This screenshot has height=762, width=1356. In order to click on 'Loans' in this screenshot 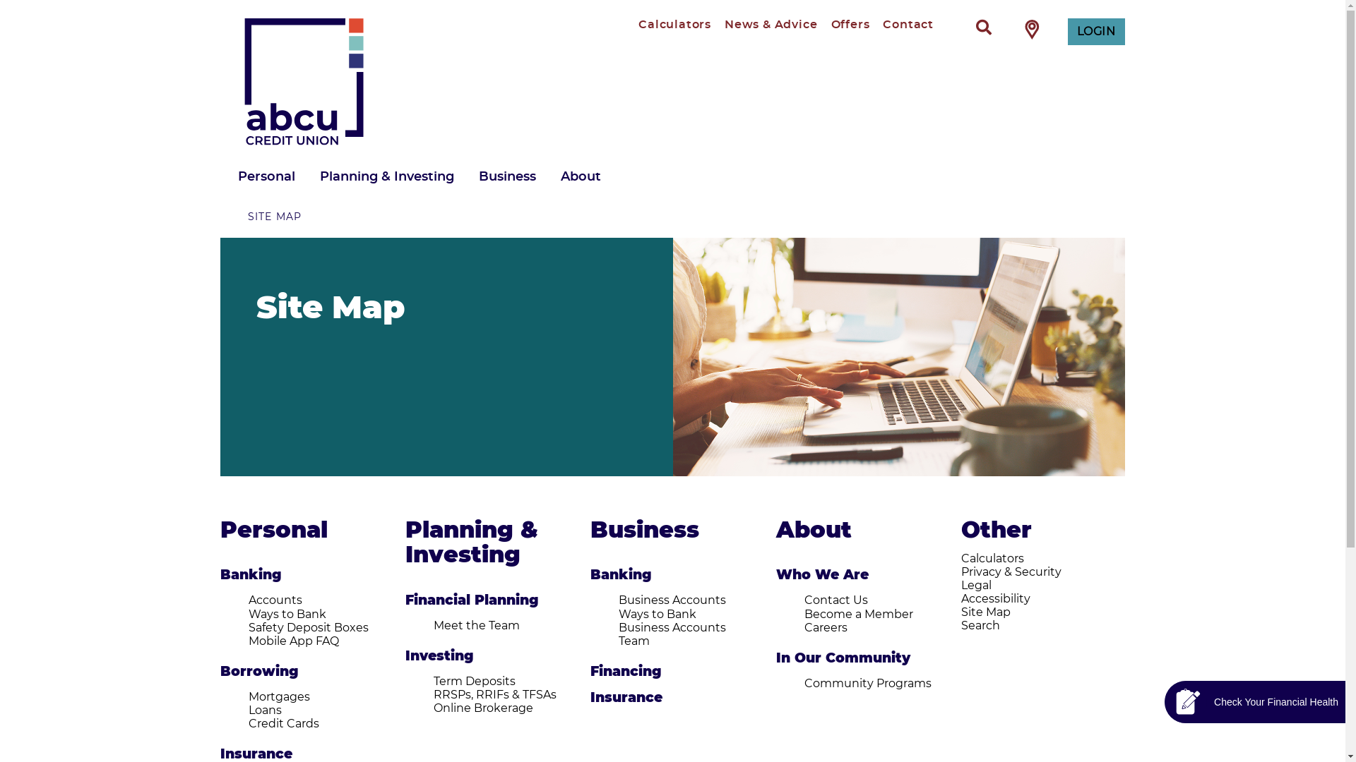, I will do `click(265, 710)`.